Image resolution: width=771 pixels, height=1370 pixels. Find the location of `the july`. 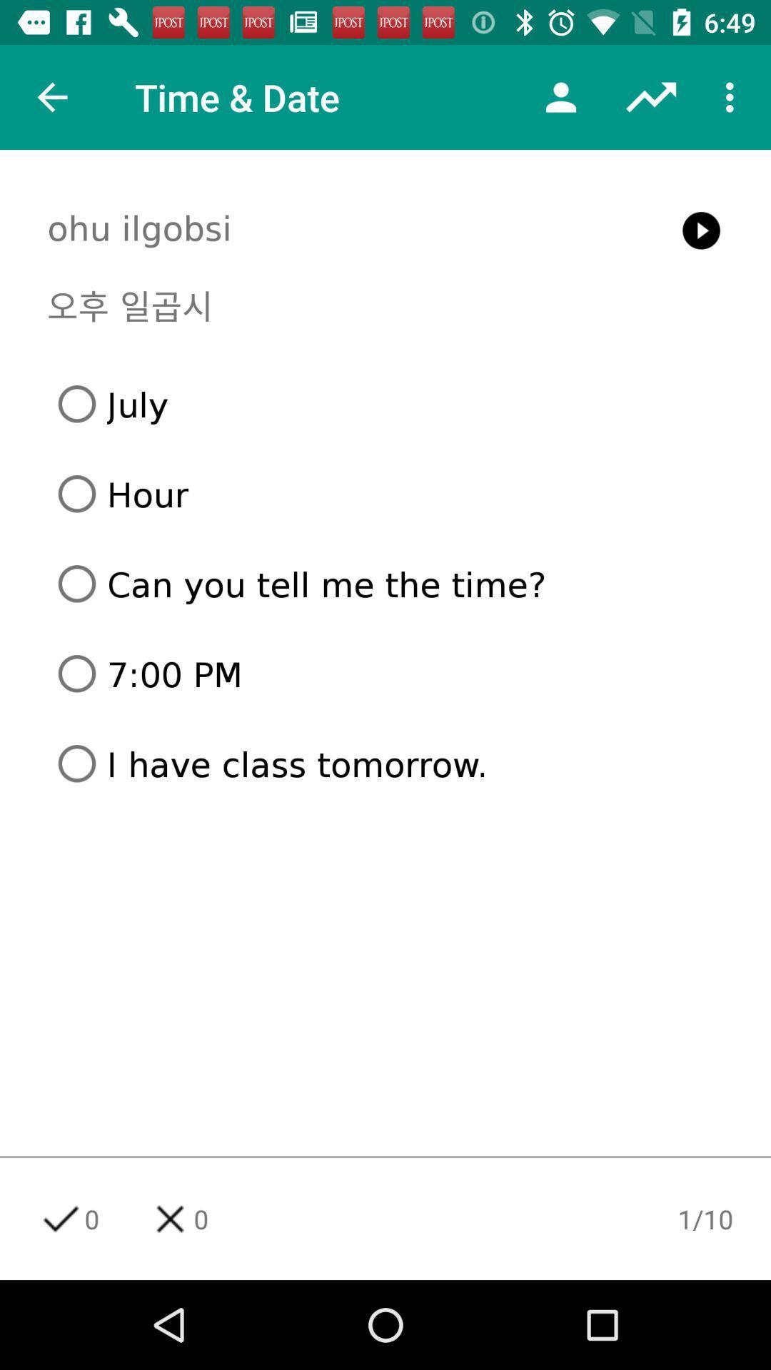

the july is located at coordinates (390, 403).